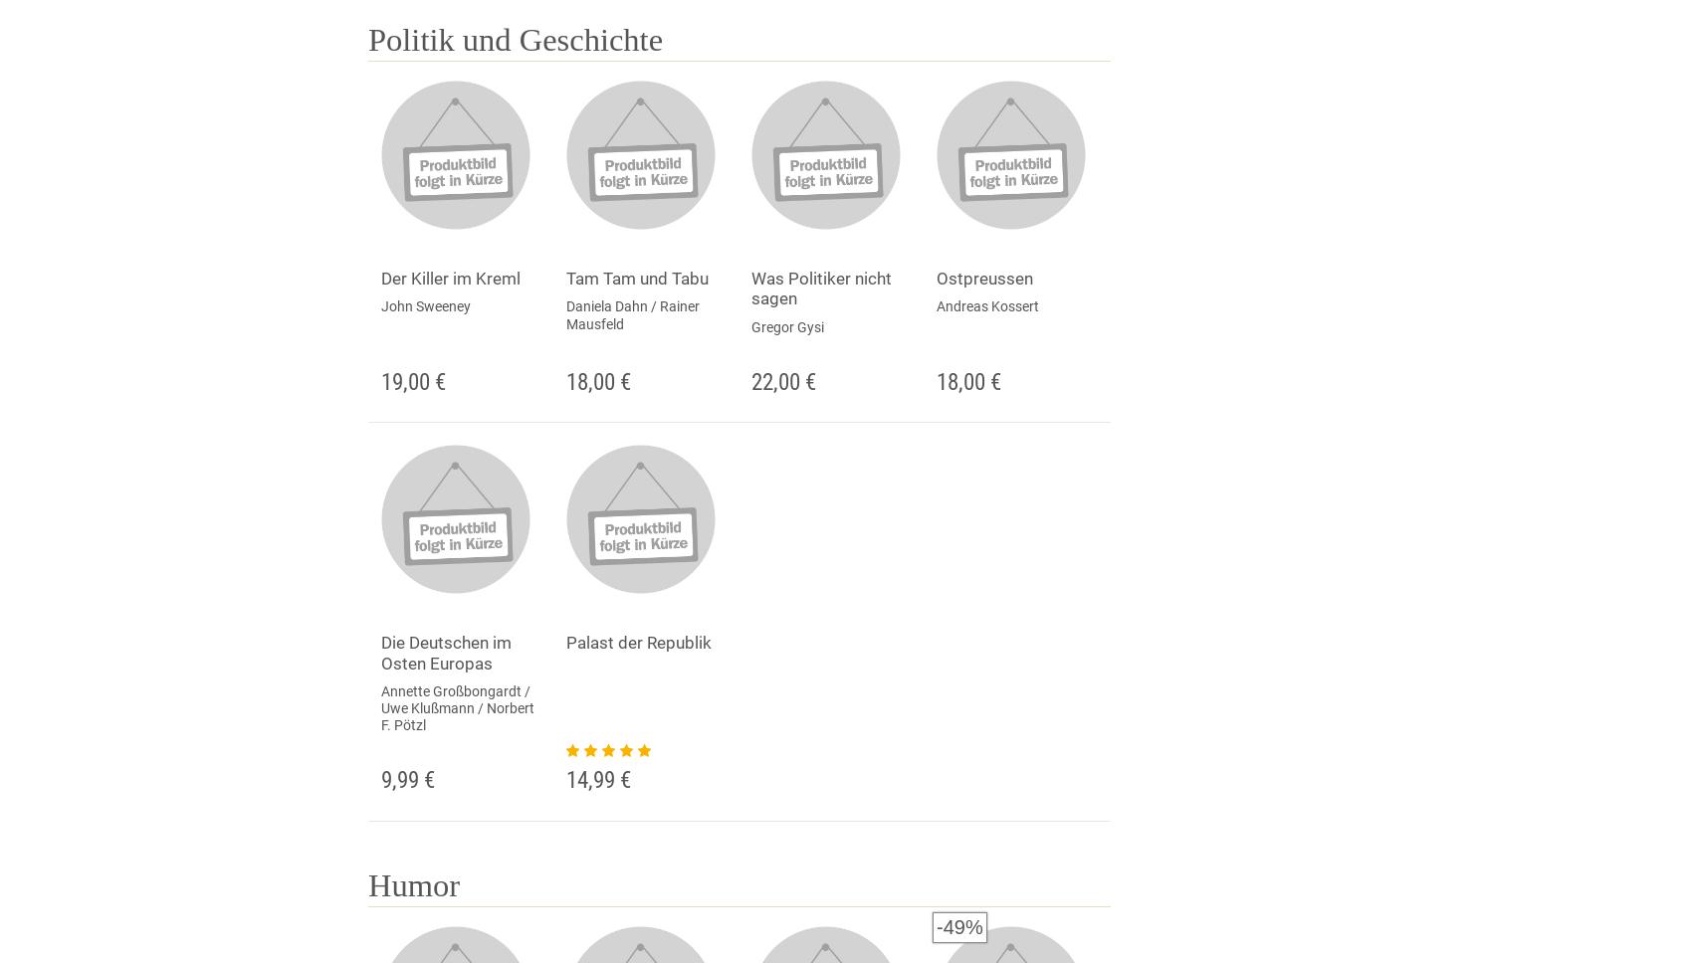  Describe the element at coordinates (936, 925) in the screenshot. I see `'-49%'` at that location.